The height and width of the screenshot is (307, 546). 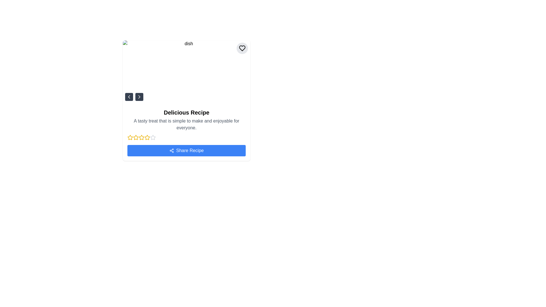 I want to click on the star icon in the rating system located beneath the recipe description, so click(x=130, y=137).